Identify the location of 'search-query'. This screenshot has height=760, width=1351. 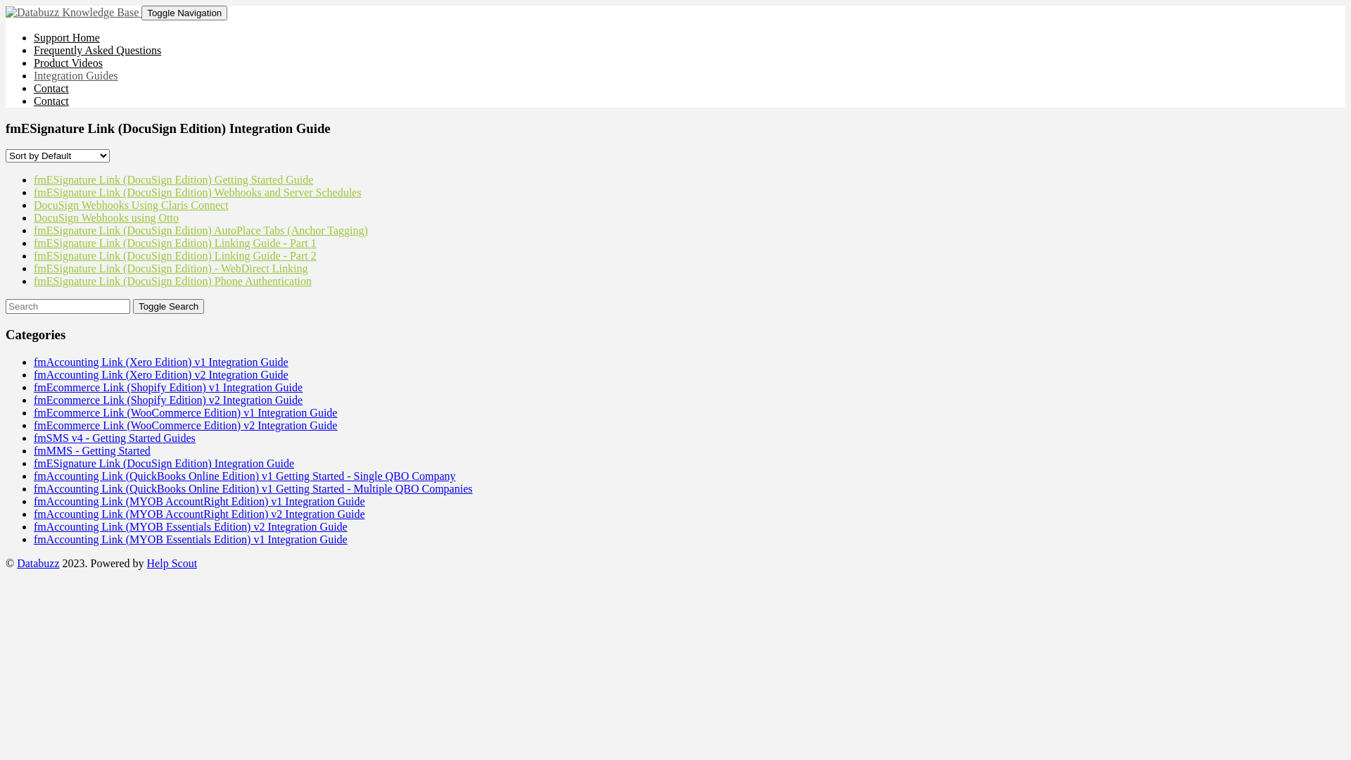
(6, 305).